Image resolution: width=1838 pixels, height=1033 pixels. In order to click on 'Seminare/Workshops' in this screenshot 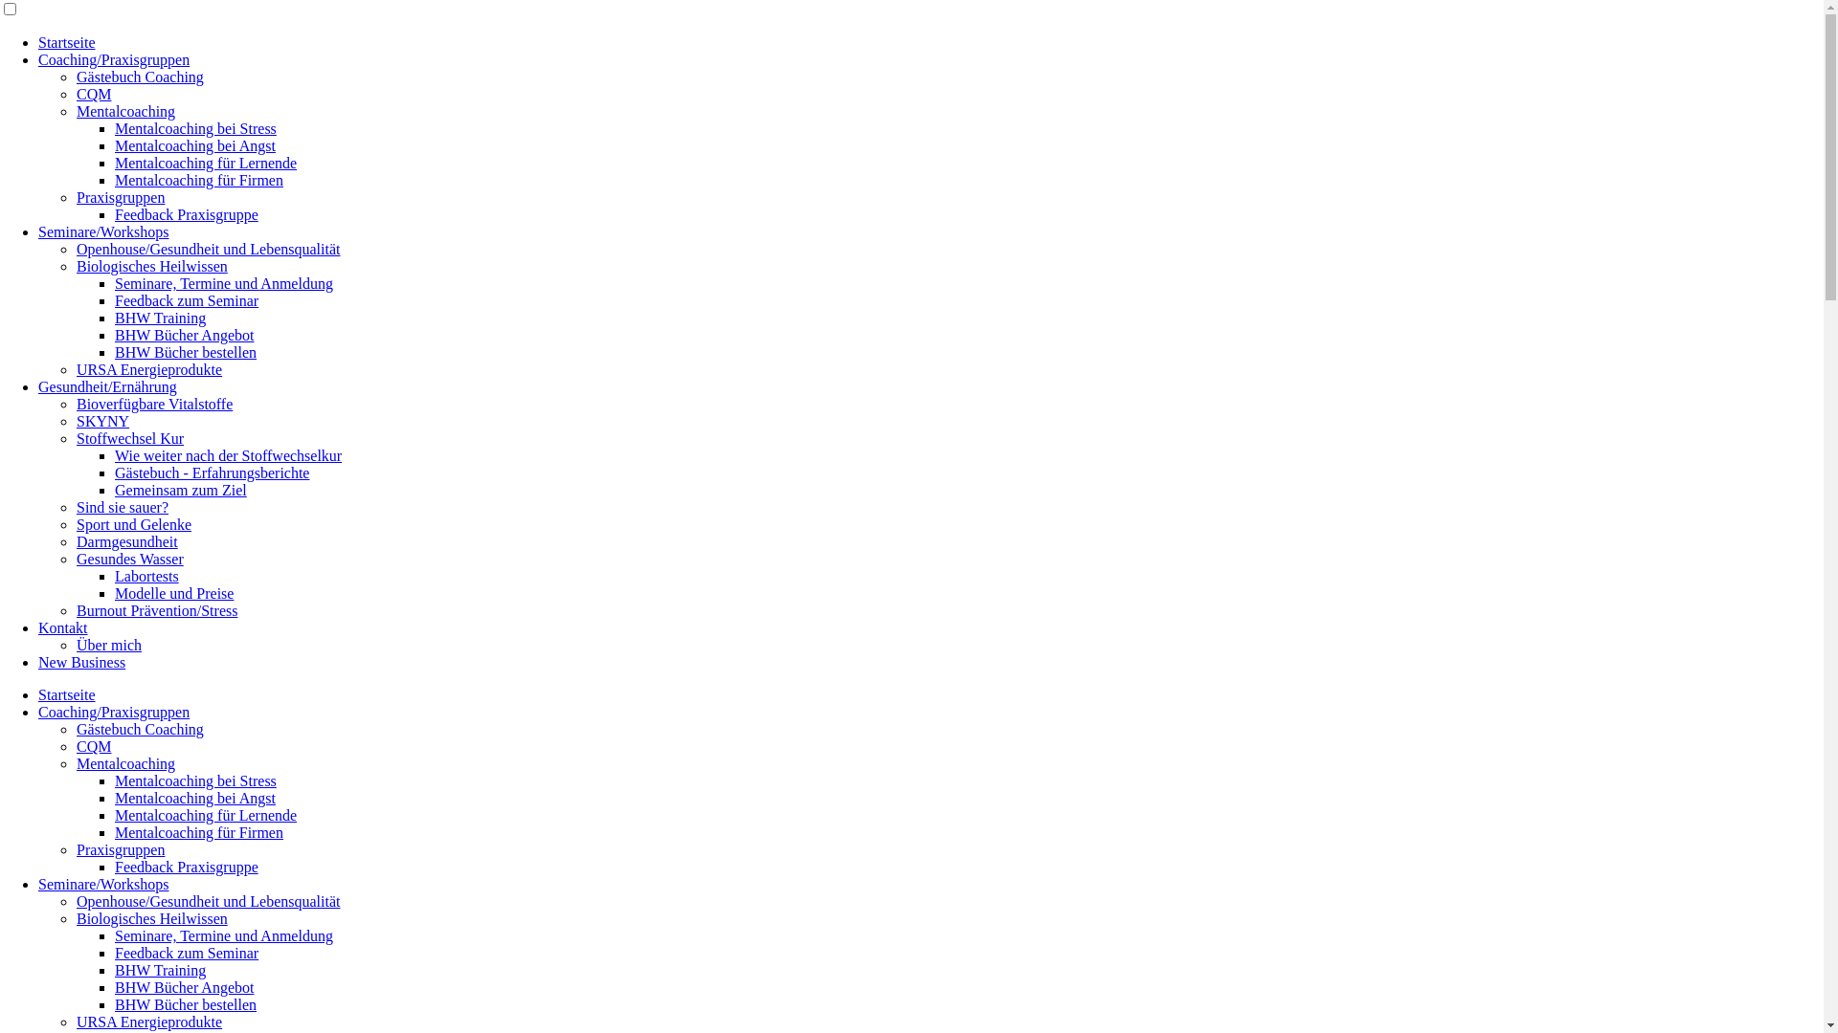, I will do `click(101, 231)`.